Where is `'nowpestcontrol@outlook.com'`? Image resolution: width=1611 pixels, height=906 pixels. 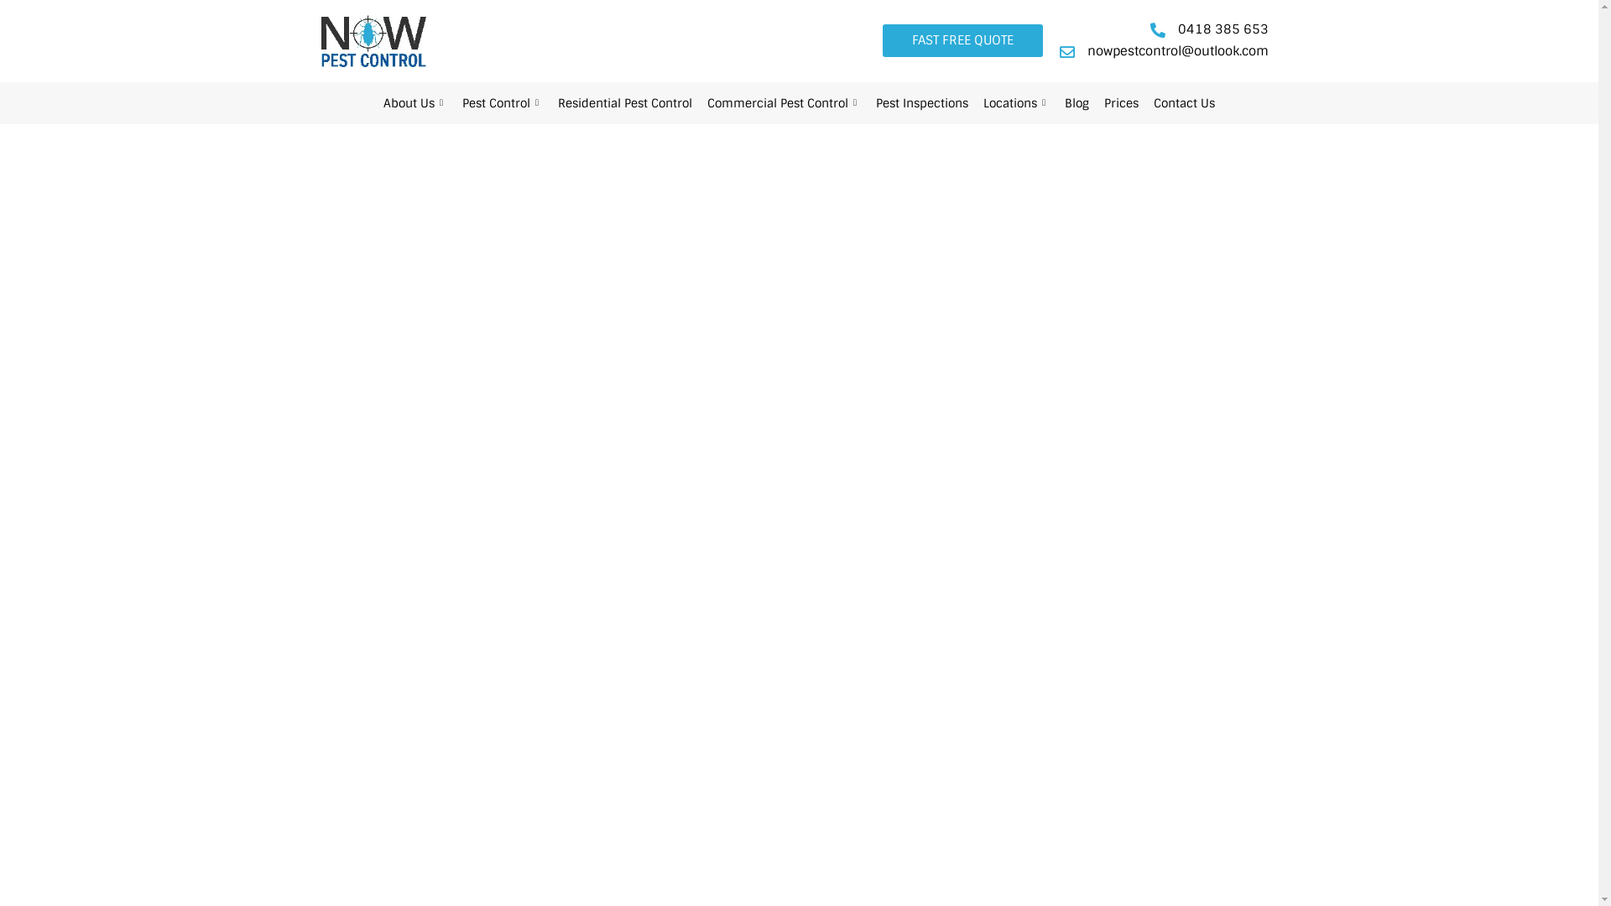
'nowpestcontrol@outlook.com' is located at coordinates (1161, 50).